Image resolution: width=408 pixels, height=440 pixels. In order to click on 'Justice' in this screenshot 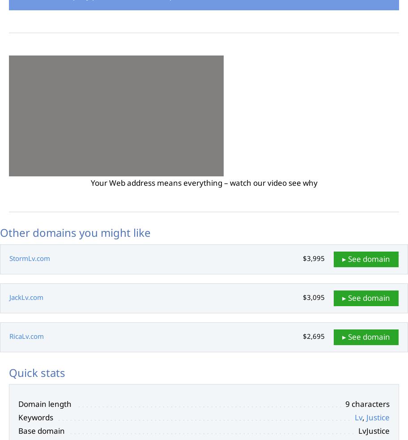, I will do `click(378, 417)`.